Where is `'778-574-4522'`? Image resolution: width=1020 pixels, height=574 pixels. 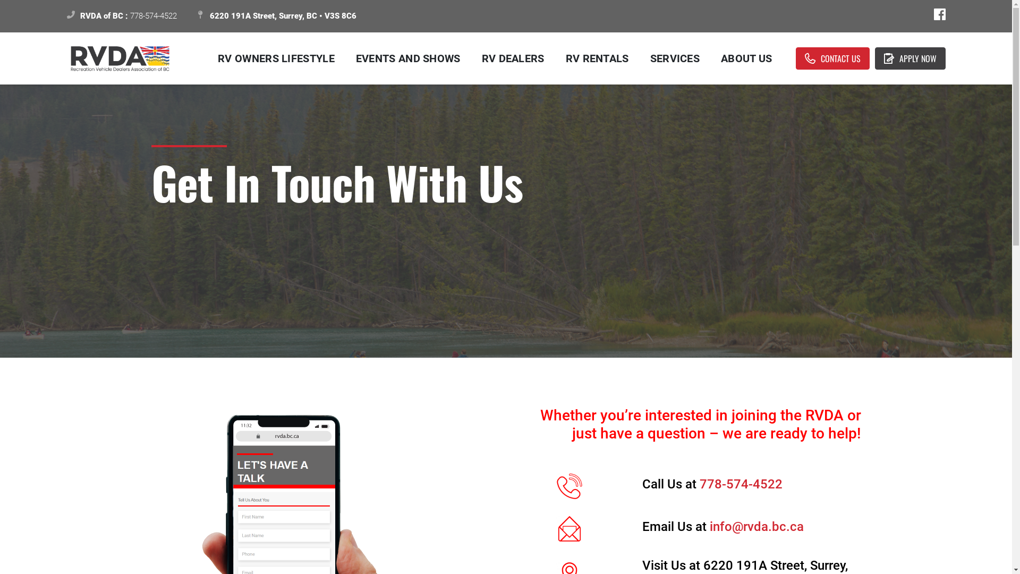
'778-574-4522' is located at coordinates (699, 484).